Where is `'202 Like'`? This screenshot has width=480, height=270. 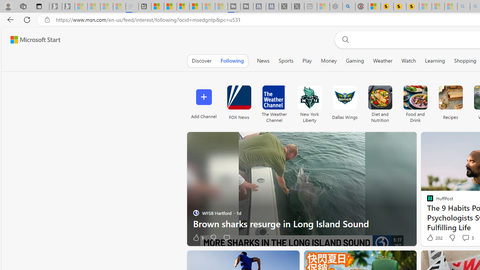
'202 Like' is located at coordinates (434, 237).